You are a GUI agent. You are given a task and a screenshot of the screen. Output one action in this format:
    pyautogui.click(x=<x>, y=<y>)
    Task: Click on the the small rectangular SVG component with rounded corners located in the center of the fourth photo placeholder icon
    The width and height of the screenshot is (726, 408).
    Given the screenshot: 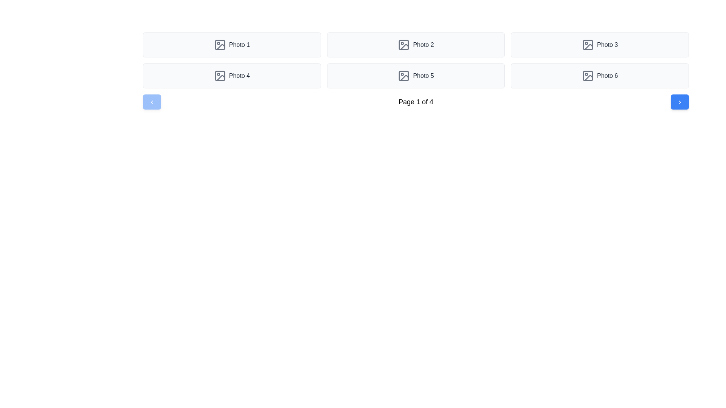 What is the action you would take?
    pyautogui.click(x=219, y=76)
    